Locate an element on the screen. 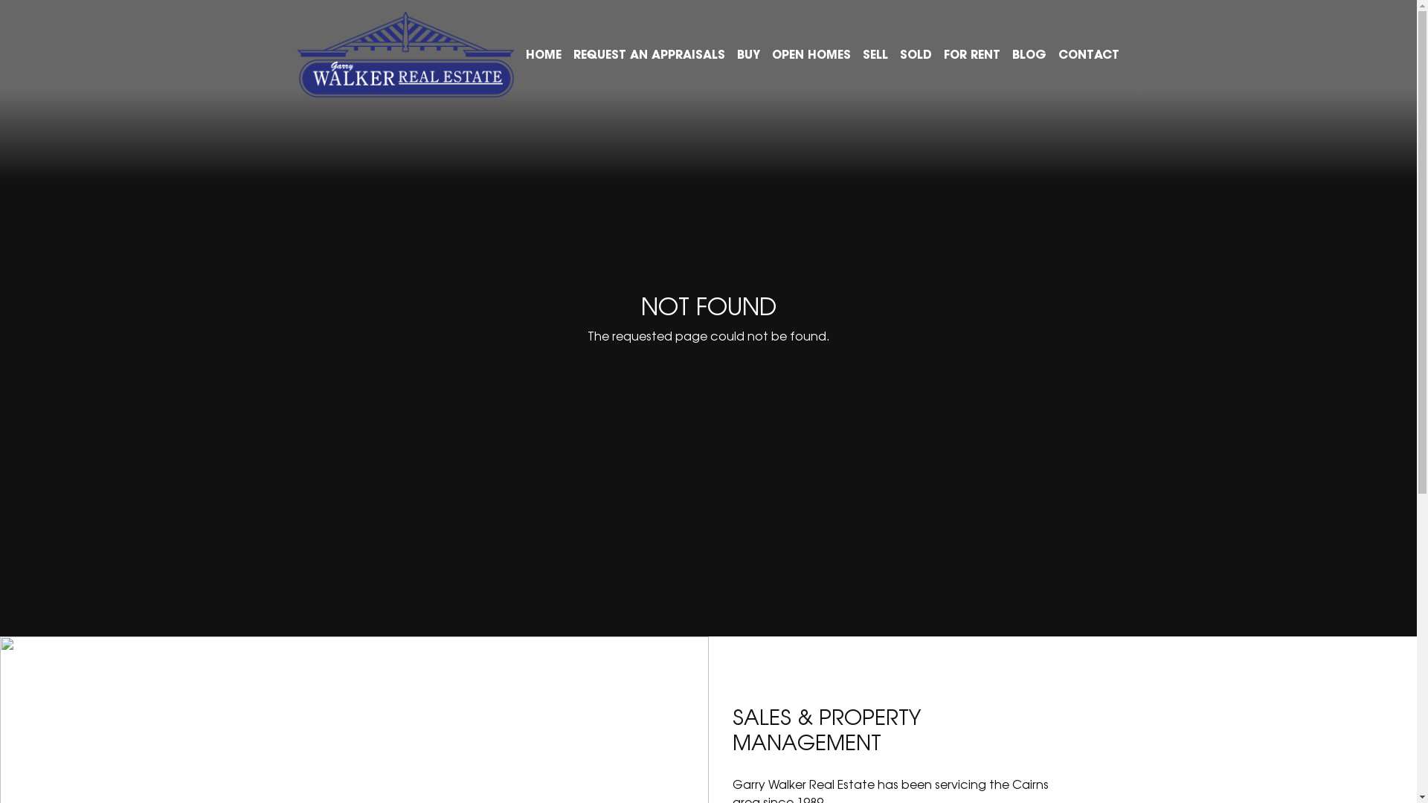 The height and width of the screenshot is (803, 1428). 'SELL' is located at coordinates (875, 54).